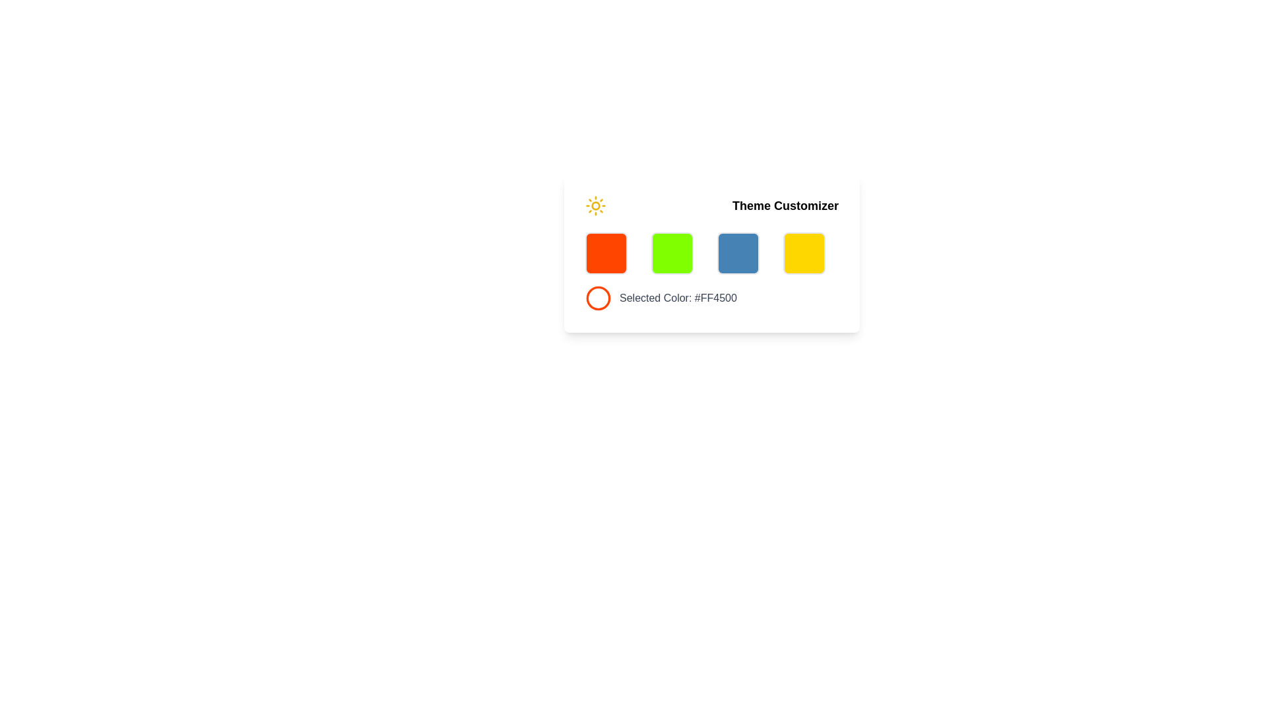 The image size is (1267, 713). Describe the element at coordinates (804, 254) in the screenshot. I see `the fourth button in the horizontal grid of theme options` at that location.